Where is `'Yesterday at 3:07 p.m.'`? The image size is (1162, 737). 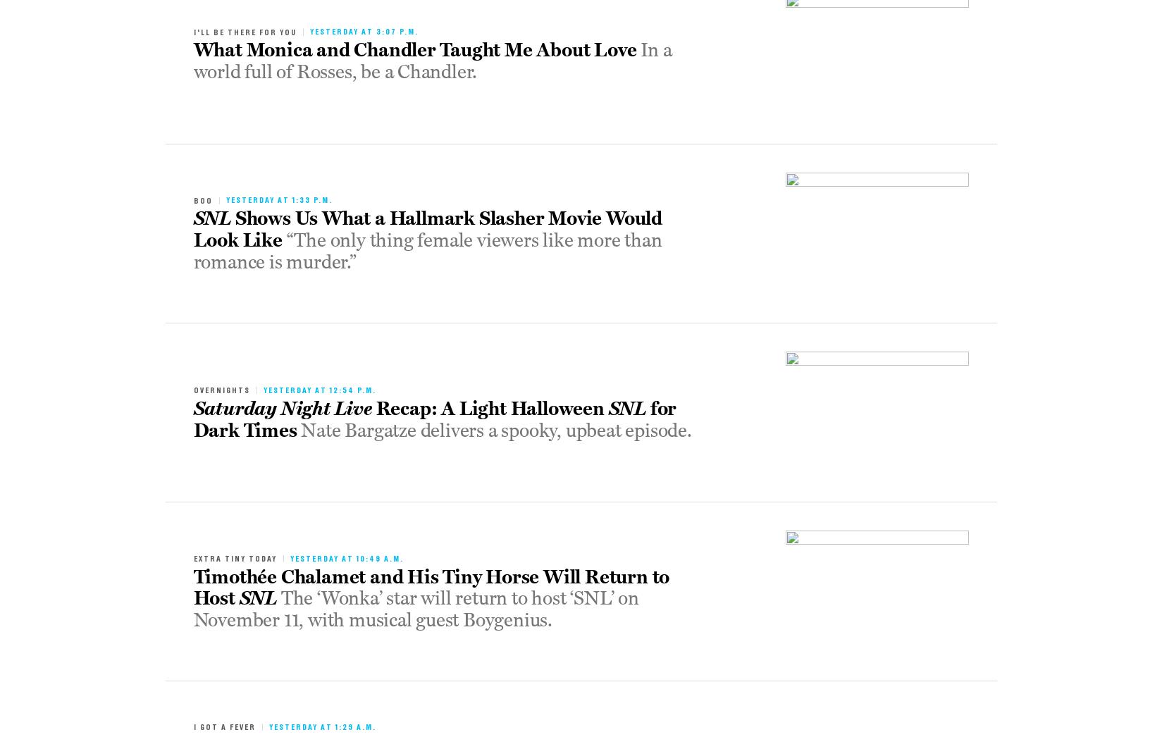
'Yesterday at 3:07 p.m.' is located at coordinates (362, 30).